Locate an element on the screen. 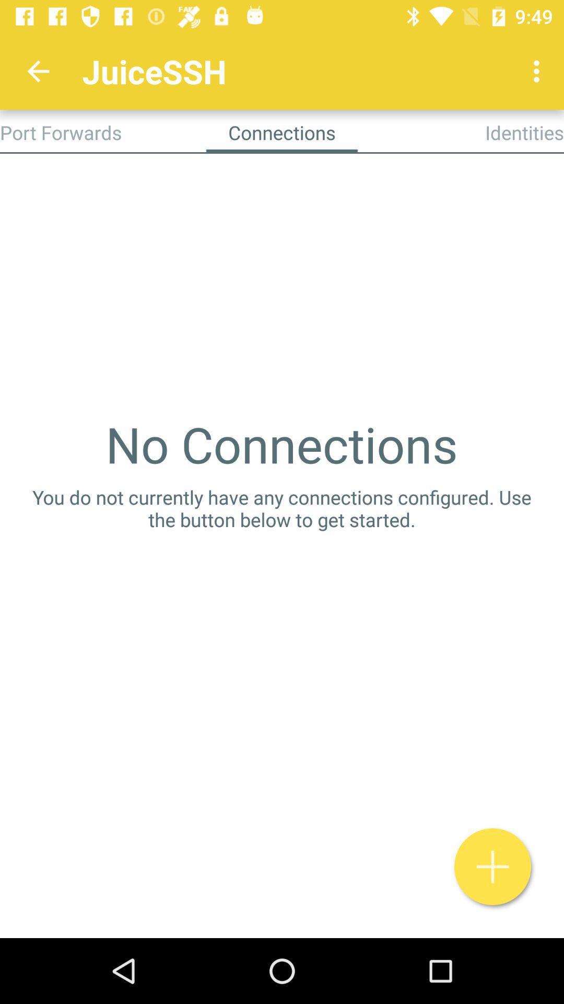  connections is located at coordinates (492, 866).